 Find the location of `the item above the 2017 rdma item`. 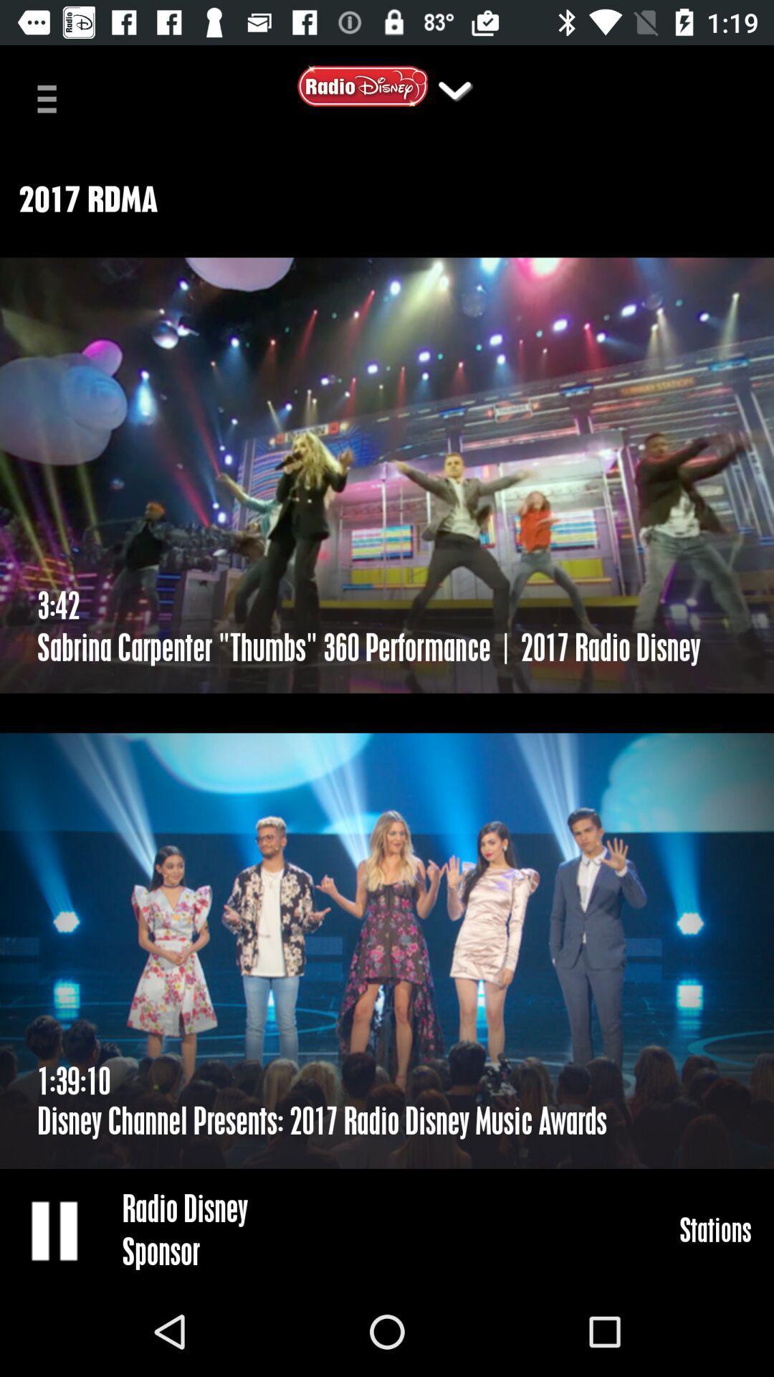

the item above the 2017 rdma item is located at coordinates (454, 89).